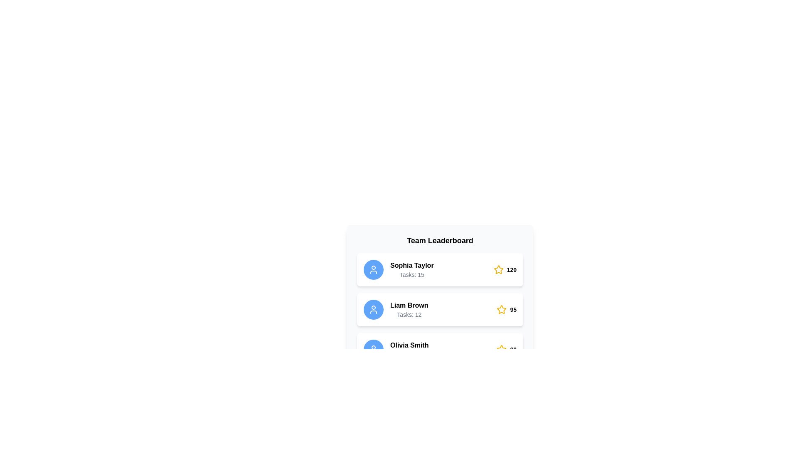  What do you see at coordinates (501, 349) in the screenshot?
I see `the star icon located to the right of the username and task count details in the leaderboard entry` at bounding box center [501, 349].